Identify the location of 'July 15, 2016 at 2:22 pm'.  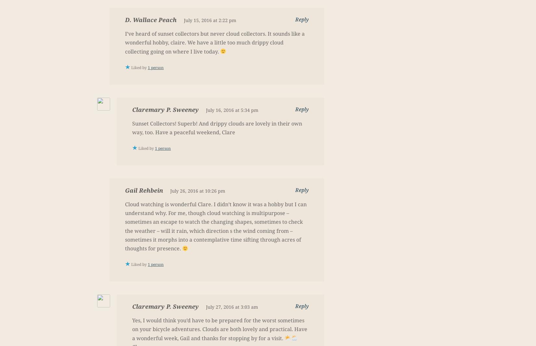
(210, 20).